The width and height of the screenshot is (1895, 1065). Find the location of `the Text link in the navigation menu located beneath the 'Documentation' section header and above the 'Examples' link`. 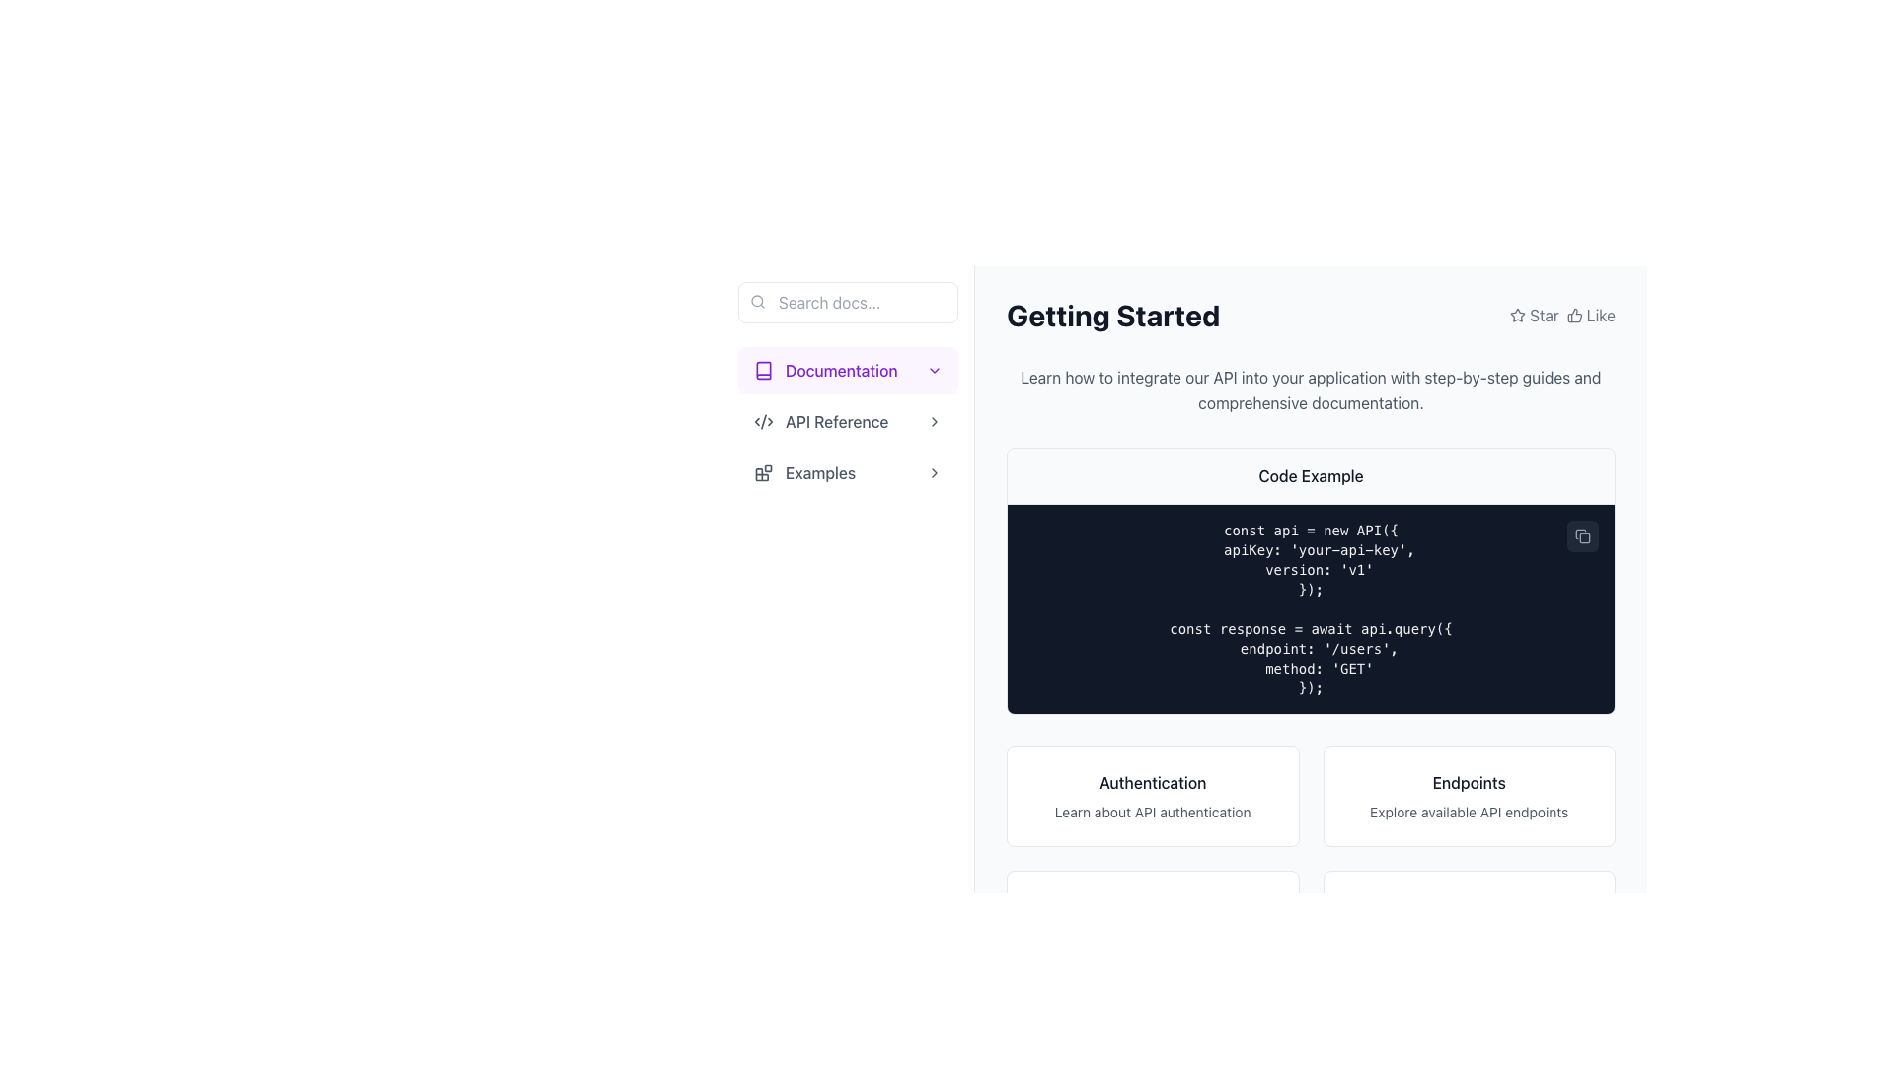

the Text link in the navigation menu located beneath the 'Documentation' section header and above the 'Examples' link is located at coordinates (837, 421).